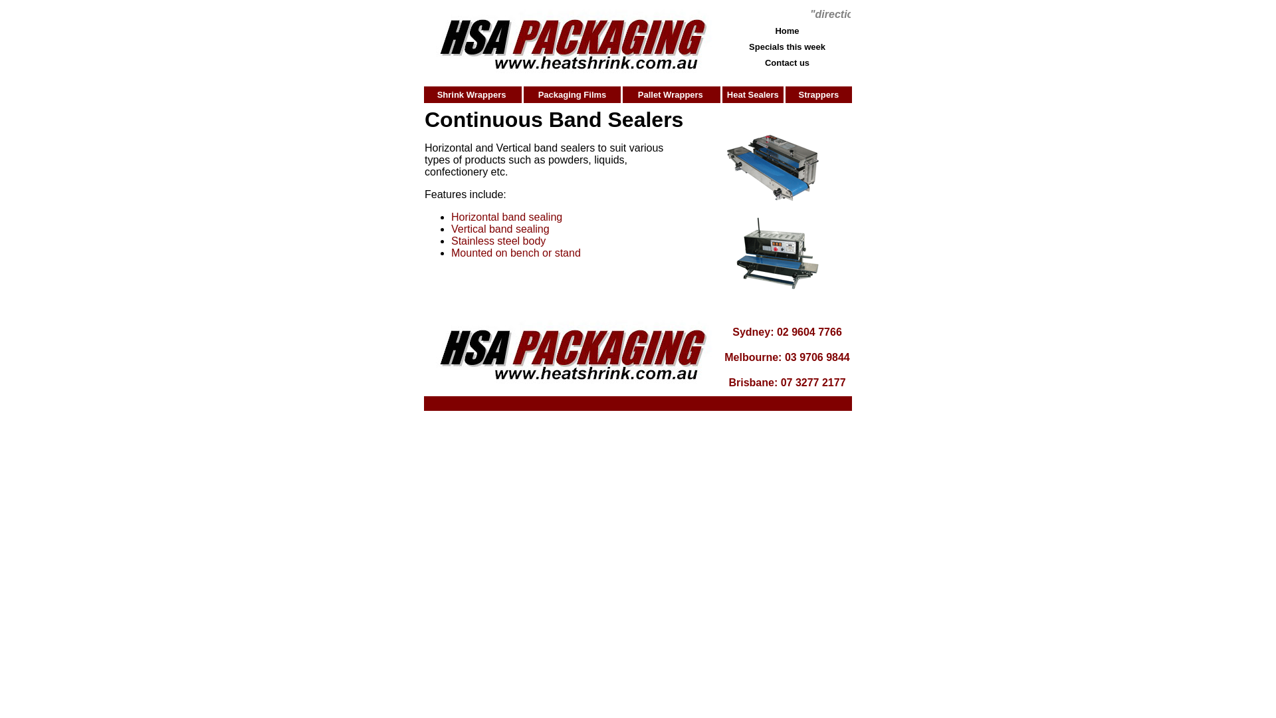 The width and height of the screenshot is (1276, 718). I want to click on 'Contact us', so click(765, 62).